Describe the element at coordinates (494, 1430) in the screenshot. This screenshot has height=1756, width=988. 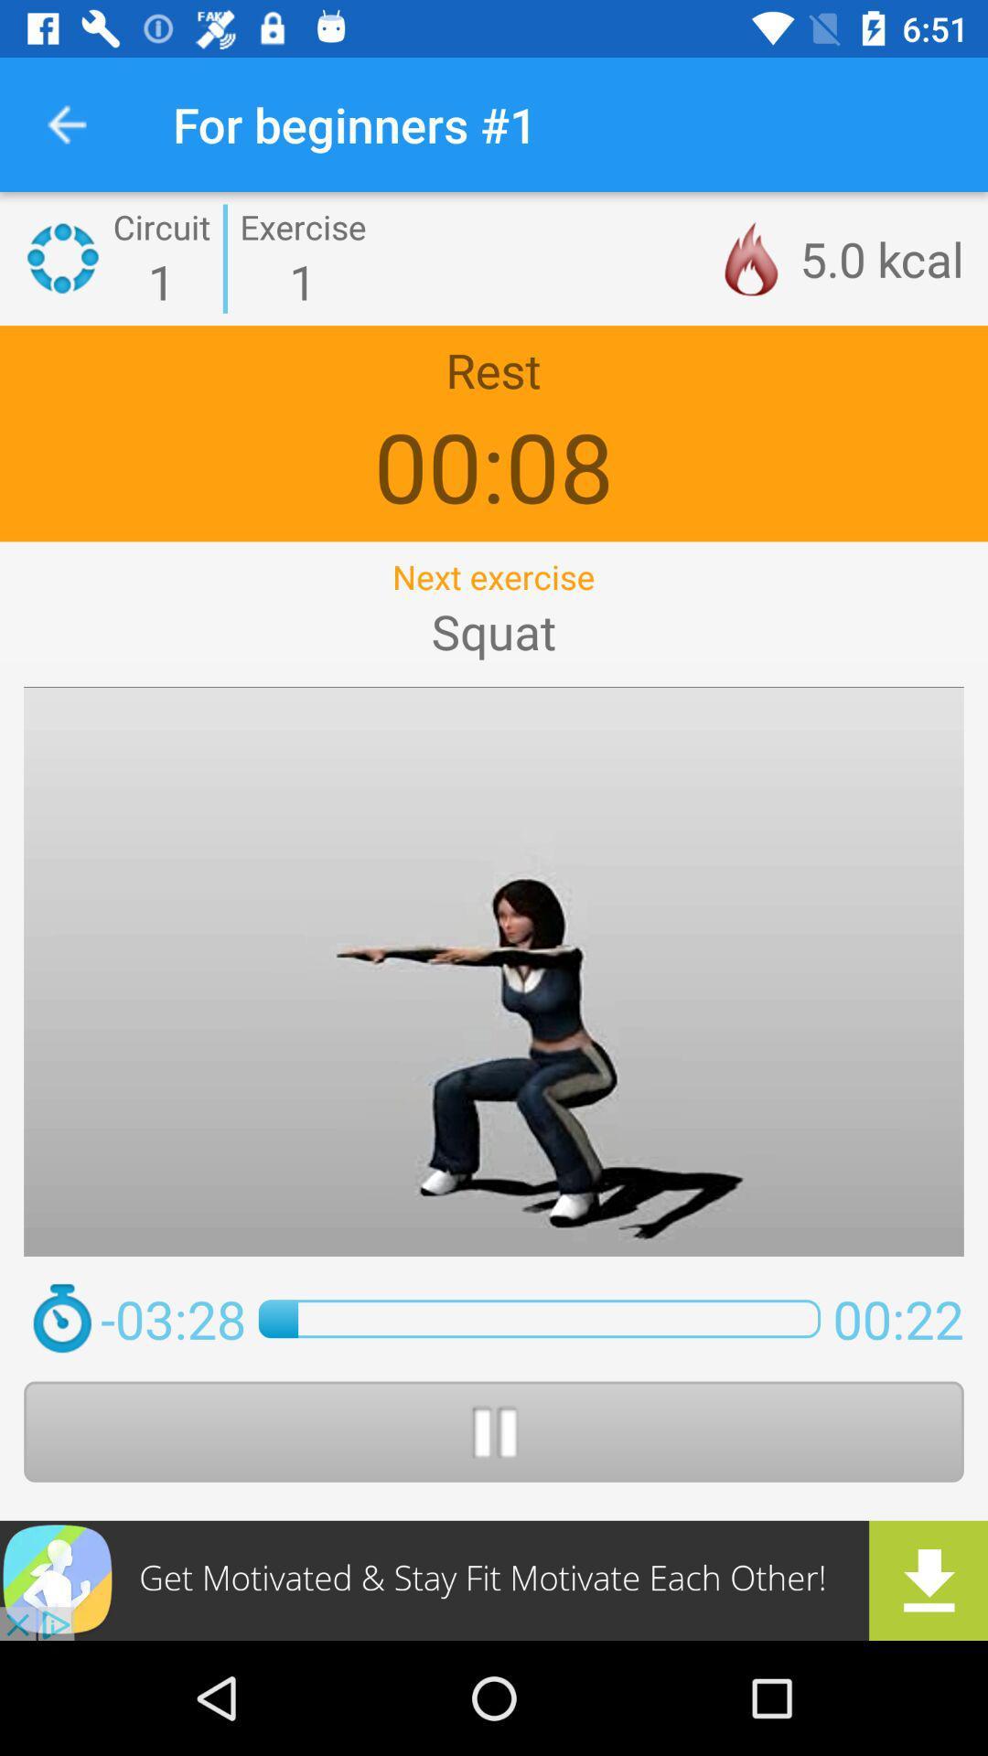
I see `turn video on` at that location.